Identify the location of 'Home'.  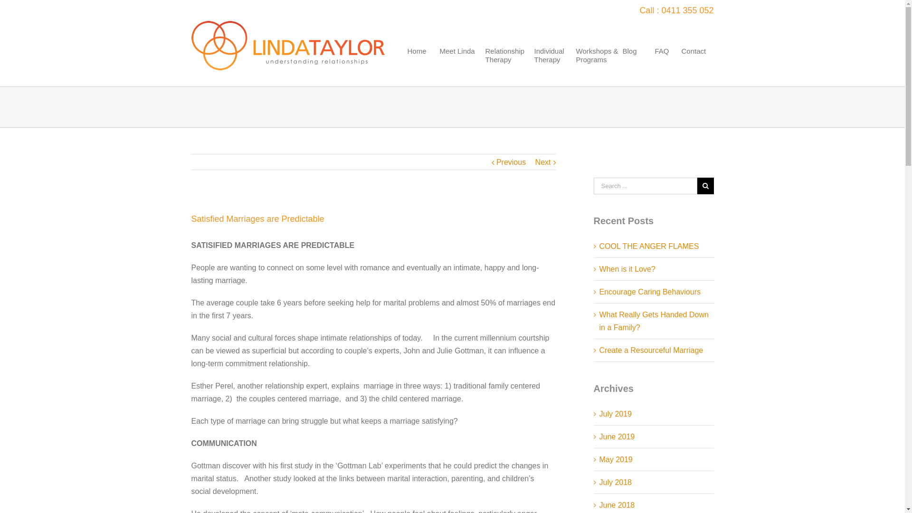
(421, 66).